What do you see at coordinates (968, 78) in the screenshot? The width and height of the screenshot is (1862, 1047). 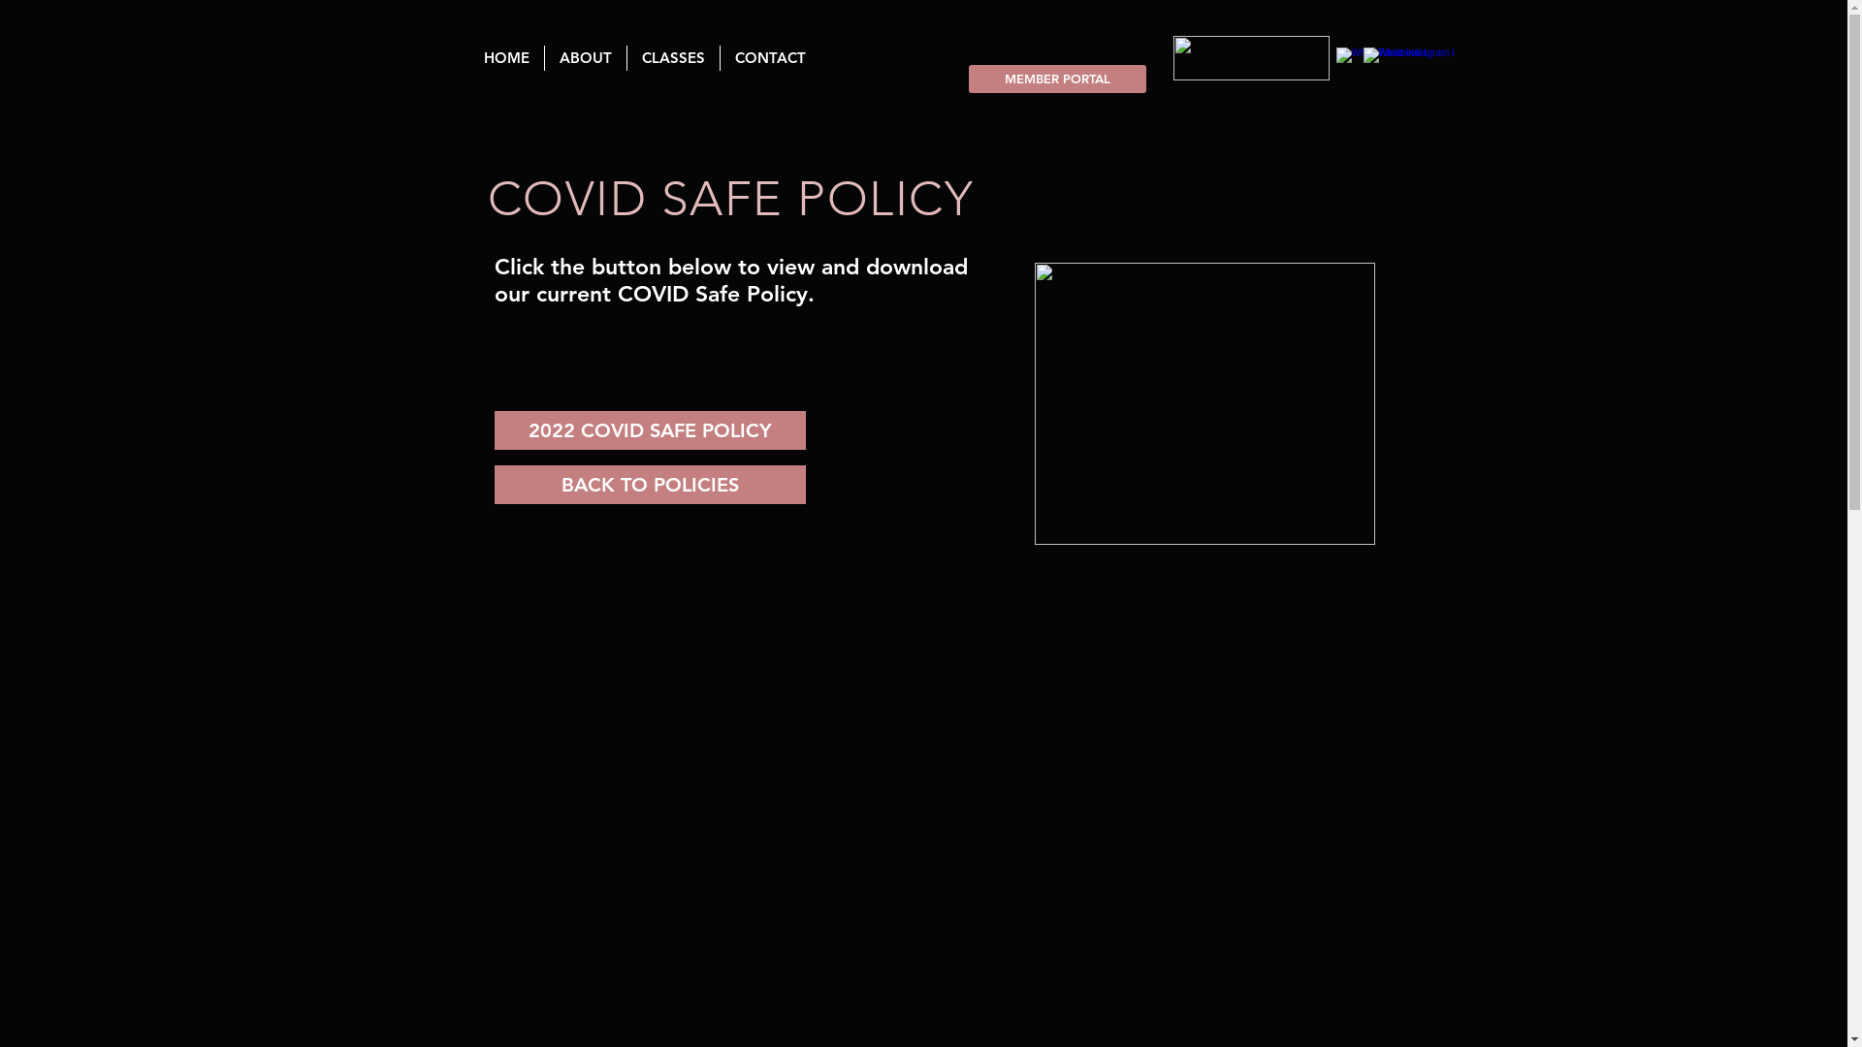 I see `'MEMBER PORTAL'` at bounding box center [968, 78].